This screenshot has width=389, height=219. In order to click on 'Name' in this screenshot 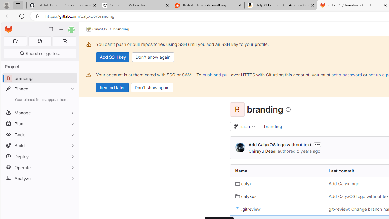, I will do `click(277, 171)`.